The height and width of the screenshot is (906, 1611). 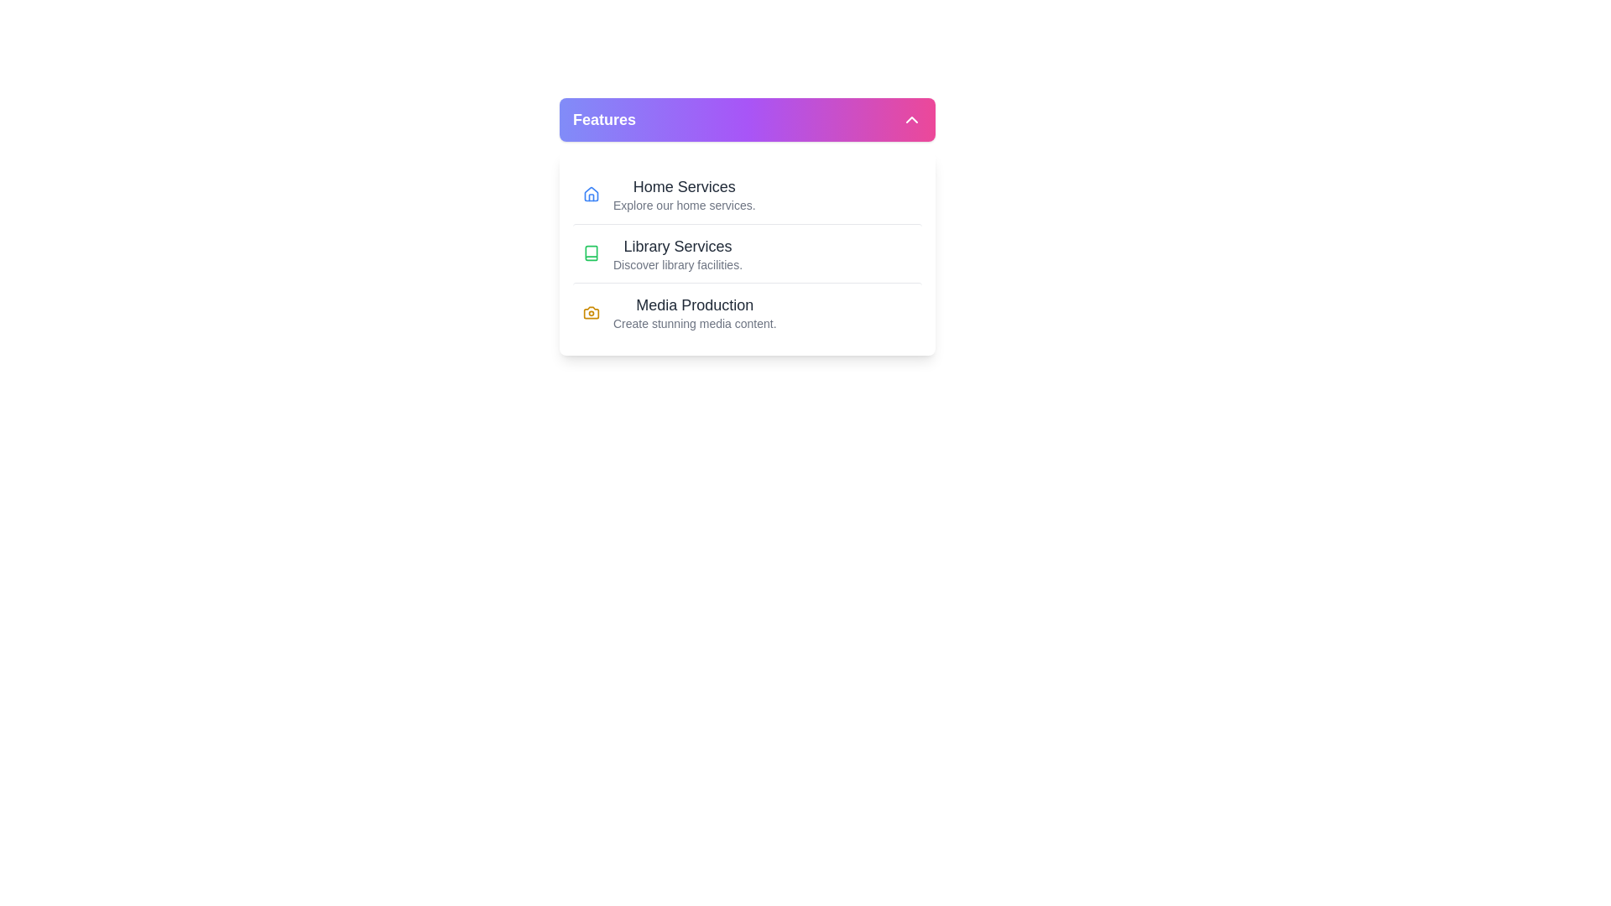 I want to click on the green book icon representing 'Library Services', so click(x=592, y=253).